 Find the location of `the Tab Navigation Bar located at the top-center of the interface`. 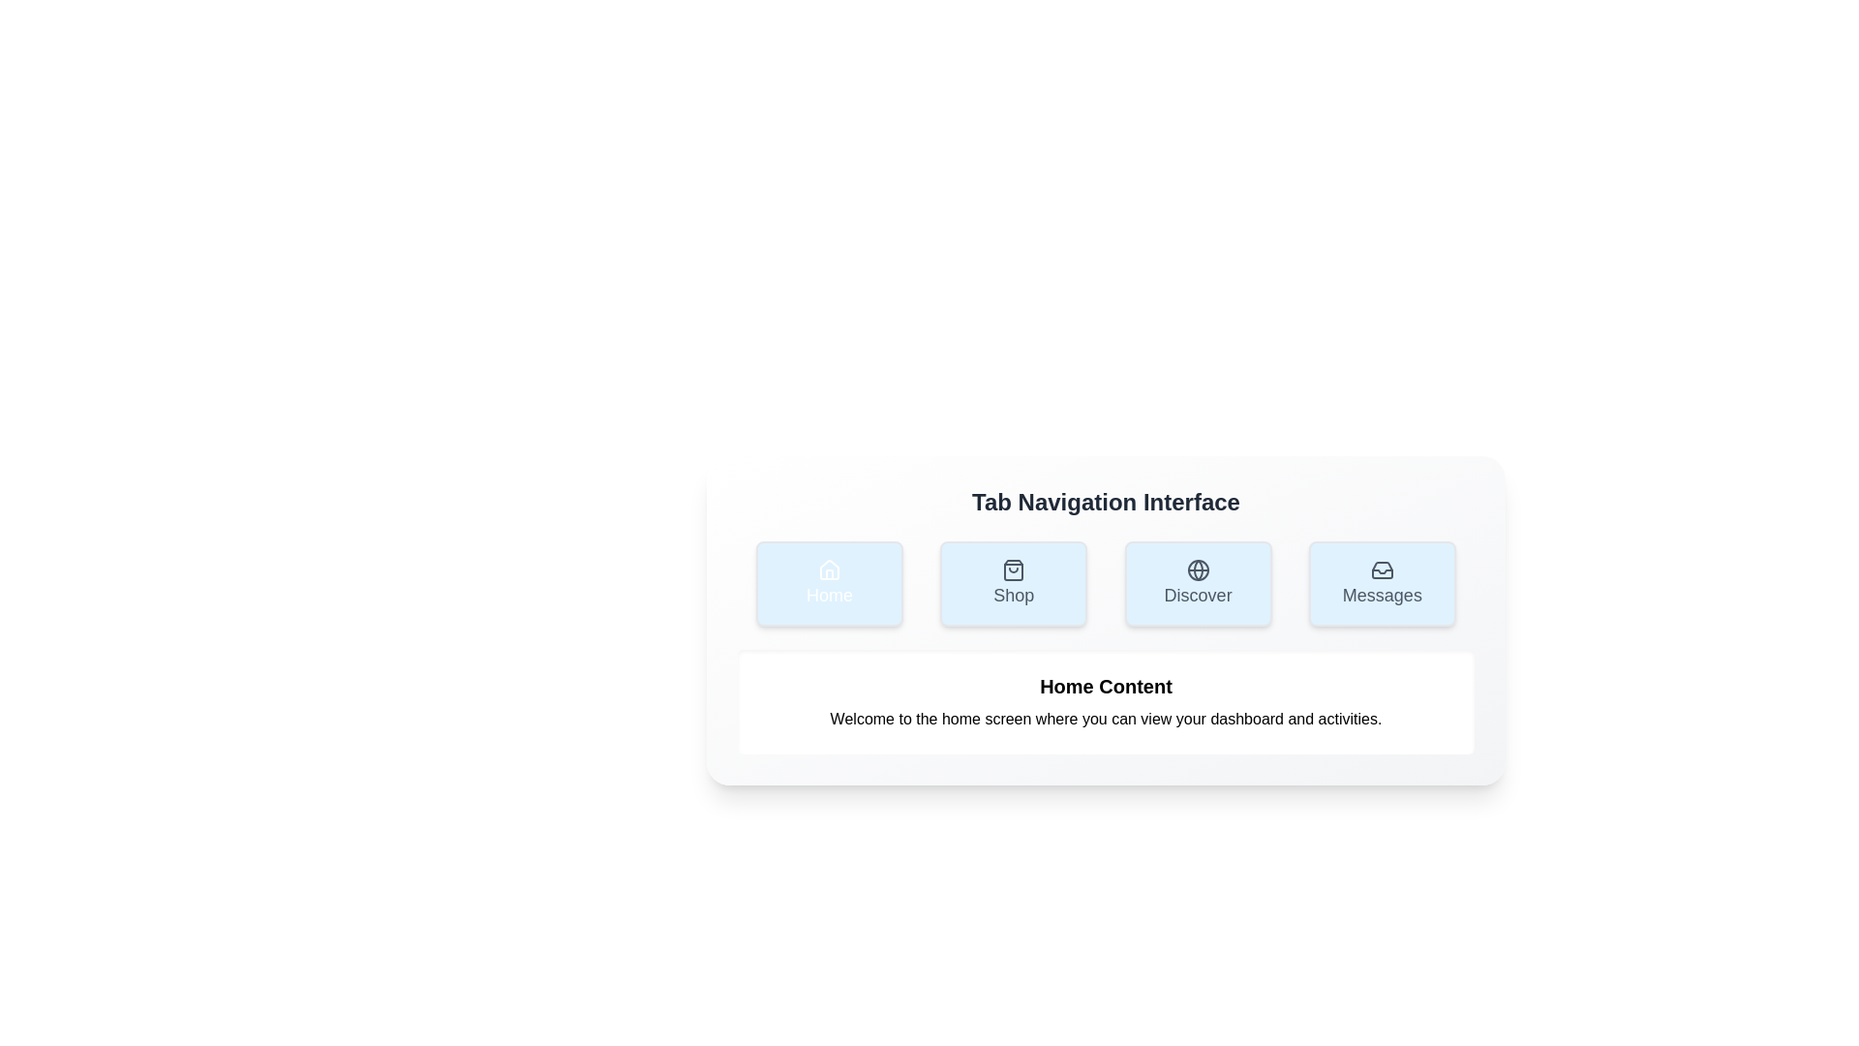

the Tab Navigation Bar located at the top-center of the interface is located at coordinates (1106, 620).